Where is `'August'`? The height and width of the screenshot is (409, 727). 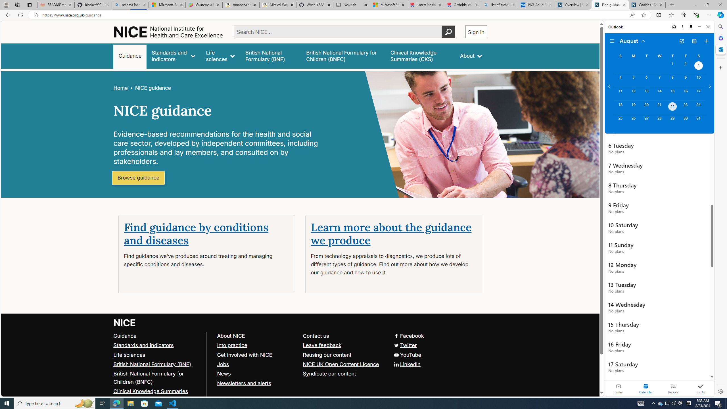
'August' is located at coordinates (632, 40).